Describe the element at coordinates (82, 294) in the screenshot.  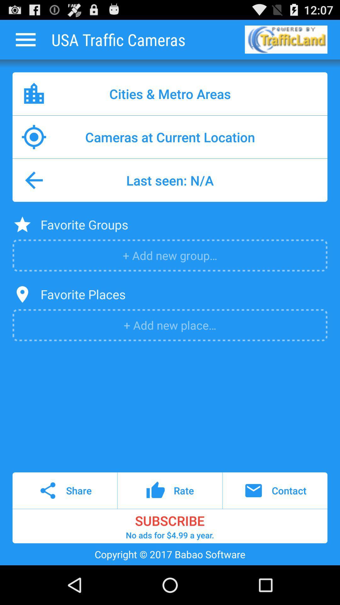
I see `the favorite places` at that location.